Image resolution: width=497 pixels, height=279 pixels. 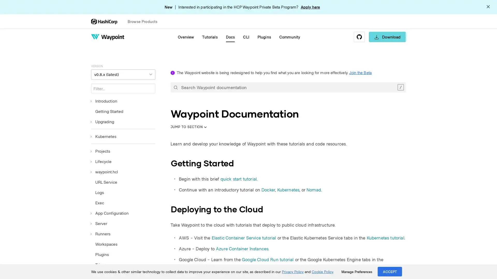 What do you see at coordinates (123, 74) in the screenshot?
I see `VERSION` at bounding box center [123, 74].